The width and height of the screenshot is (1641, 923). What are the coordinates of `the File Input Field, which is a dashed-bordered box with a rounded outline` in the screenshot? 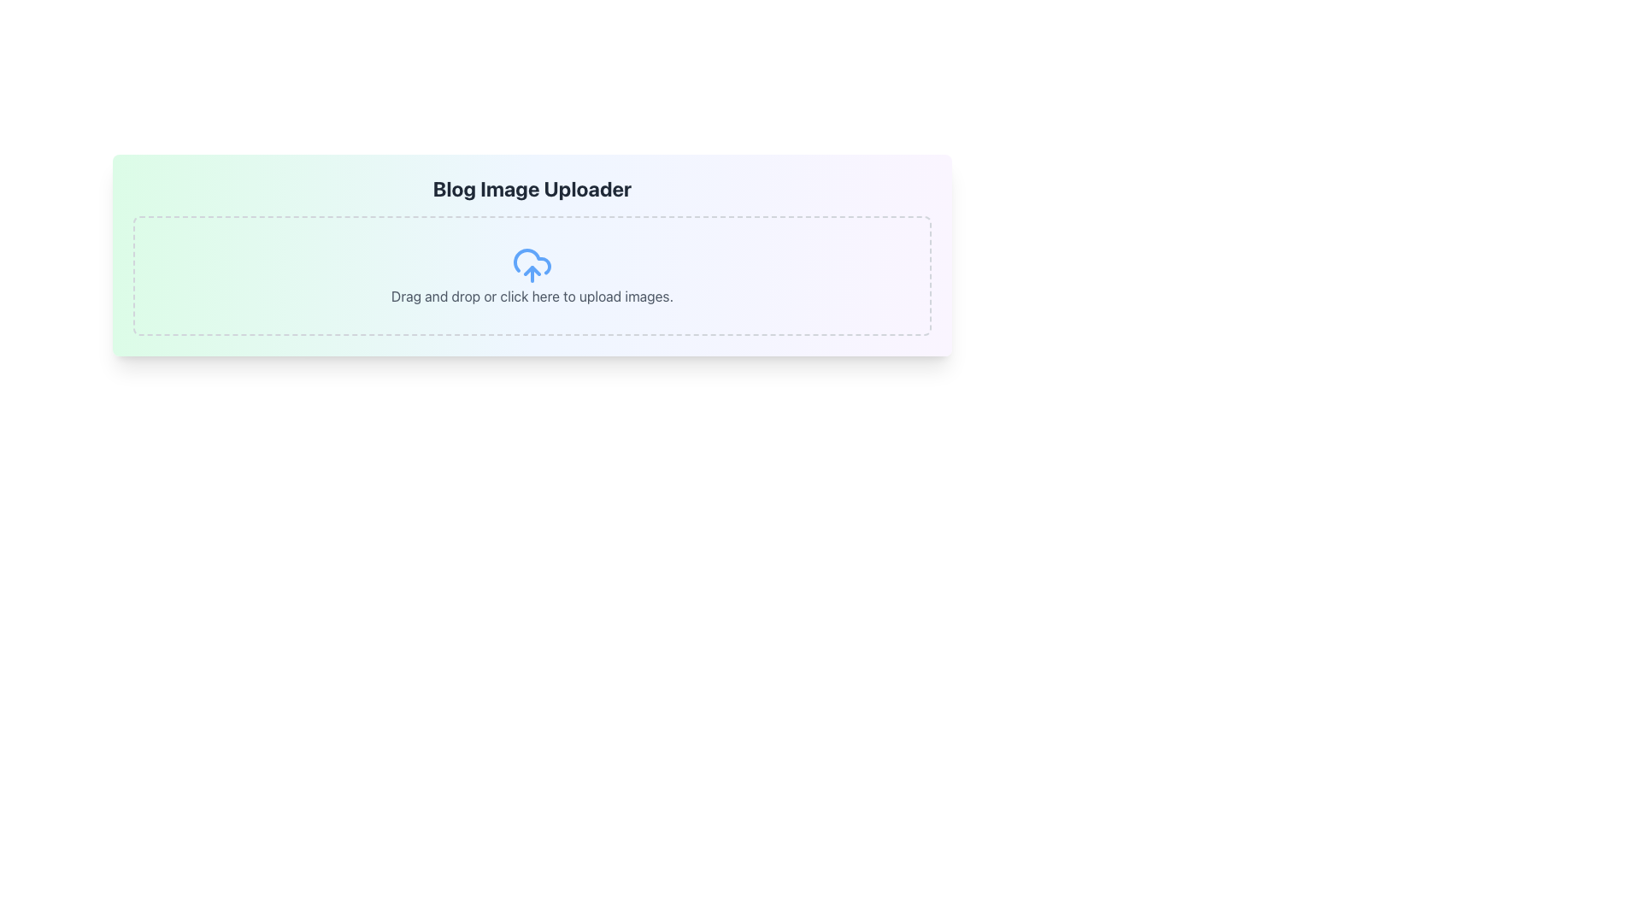 It's located at (532, 275).